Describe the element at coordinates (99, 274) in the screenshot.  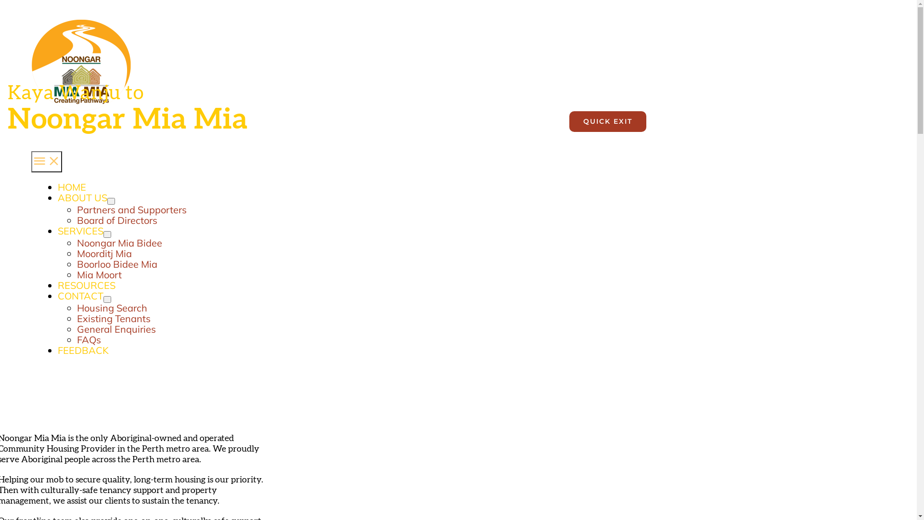
I see `'Mia Moort'` at that location.